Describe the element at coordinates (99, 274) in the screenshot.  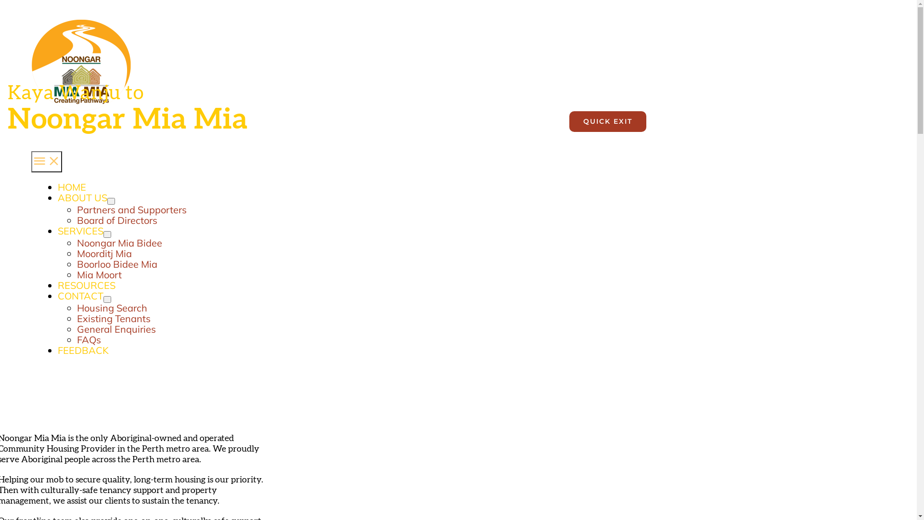
I see `'Mia Moort'` at that location.